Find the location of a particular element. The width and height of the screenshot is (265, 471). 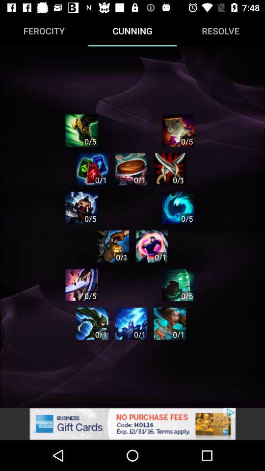

point to a skill is located at coordinates (152, 246).